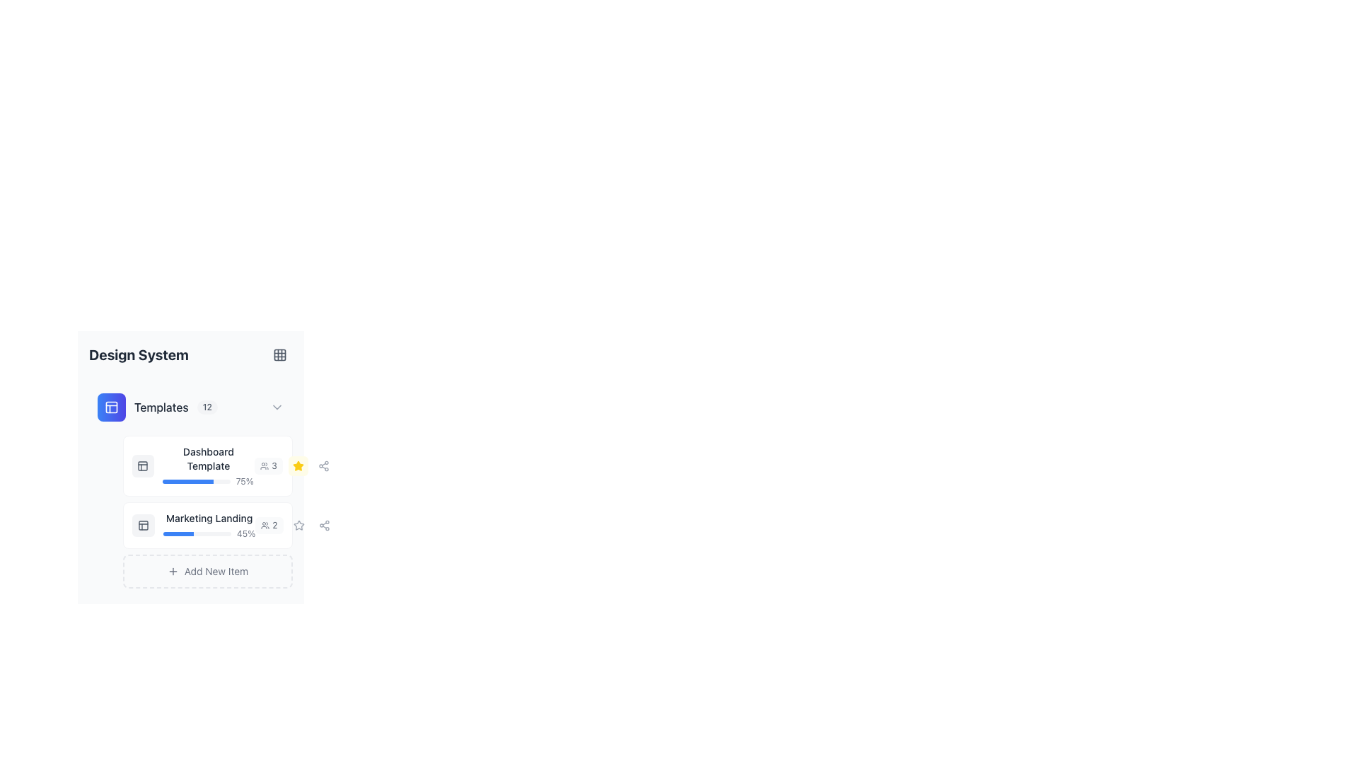 The height and width of the screenshot is (764, 1358). Describe the element at coordinates (209, 518) in the screenshot. I see `text label identifying the 'Marketing Landing' template positioned in the second list item of the 'Templates' section under 'Design System'` at that location.